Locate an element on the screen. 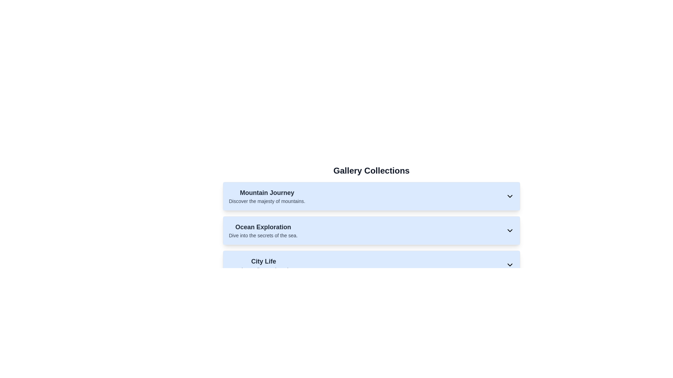 This screenshot has width=673, height=378. the List item for 'Ocean Exploration' in the 'Gallery Collections' is located at coordinates (371, 231).